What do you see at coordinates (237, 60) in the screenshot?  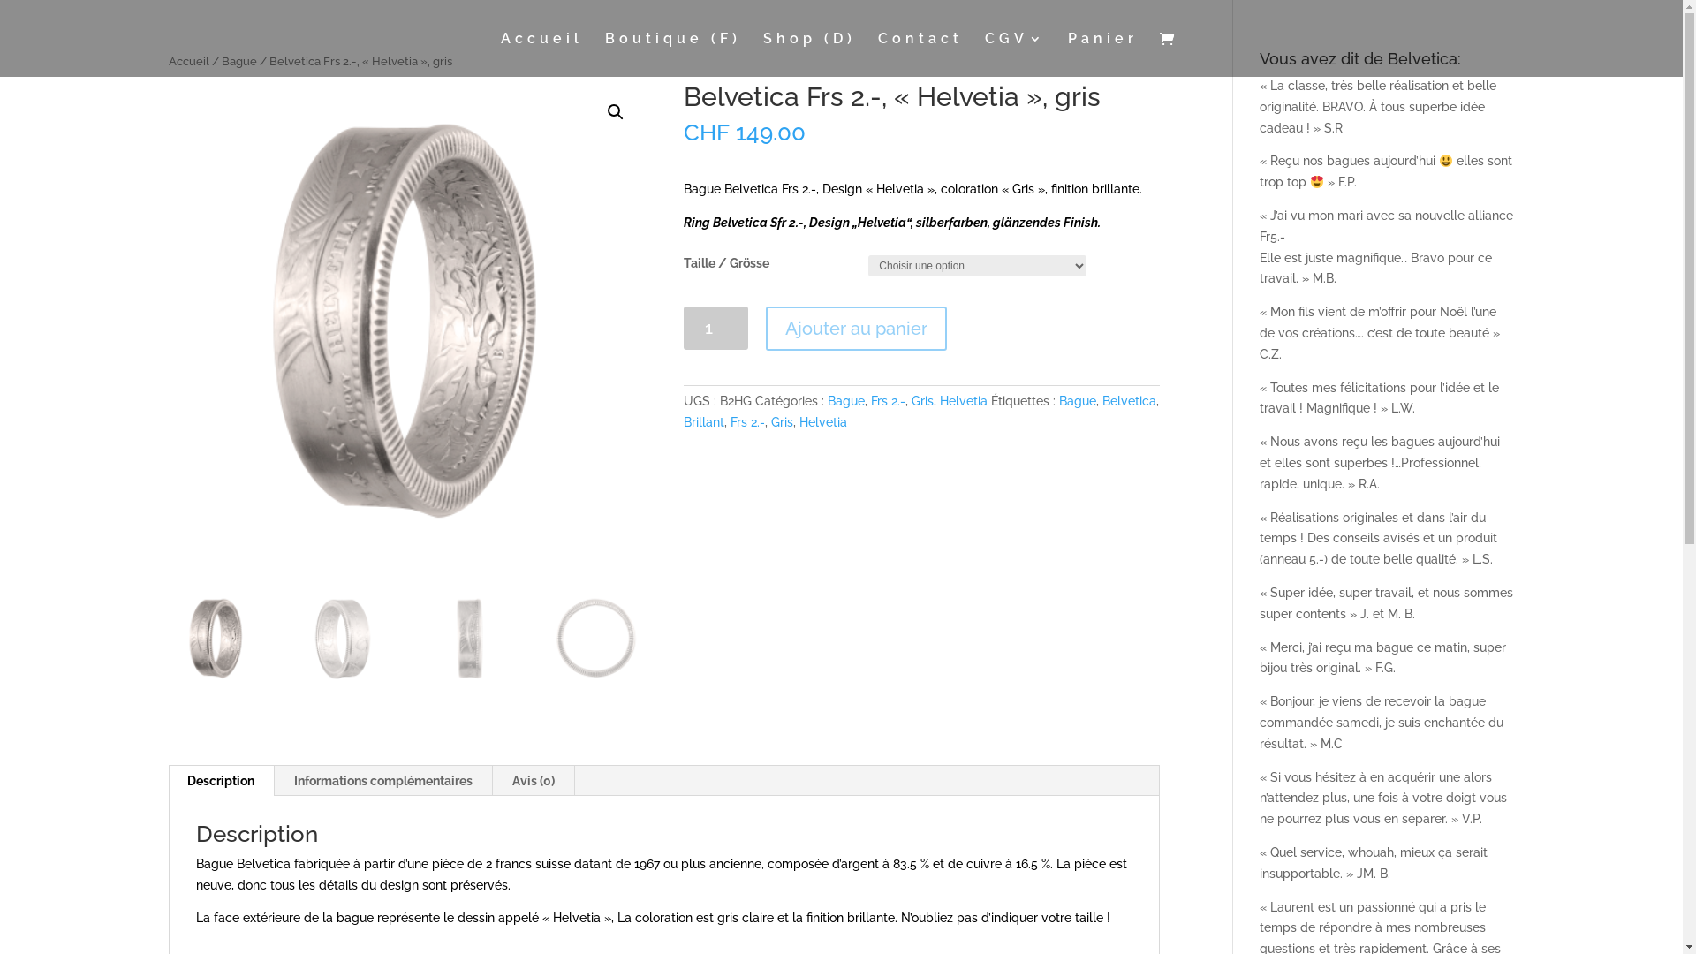 I see `'Bague'` at bounding box center [237, 60].